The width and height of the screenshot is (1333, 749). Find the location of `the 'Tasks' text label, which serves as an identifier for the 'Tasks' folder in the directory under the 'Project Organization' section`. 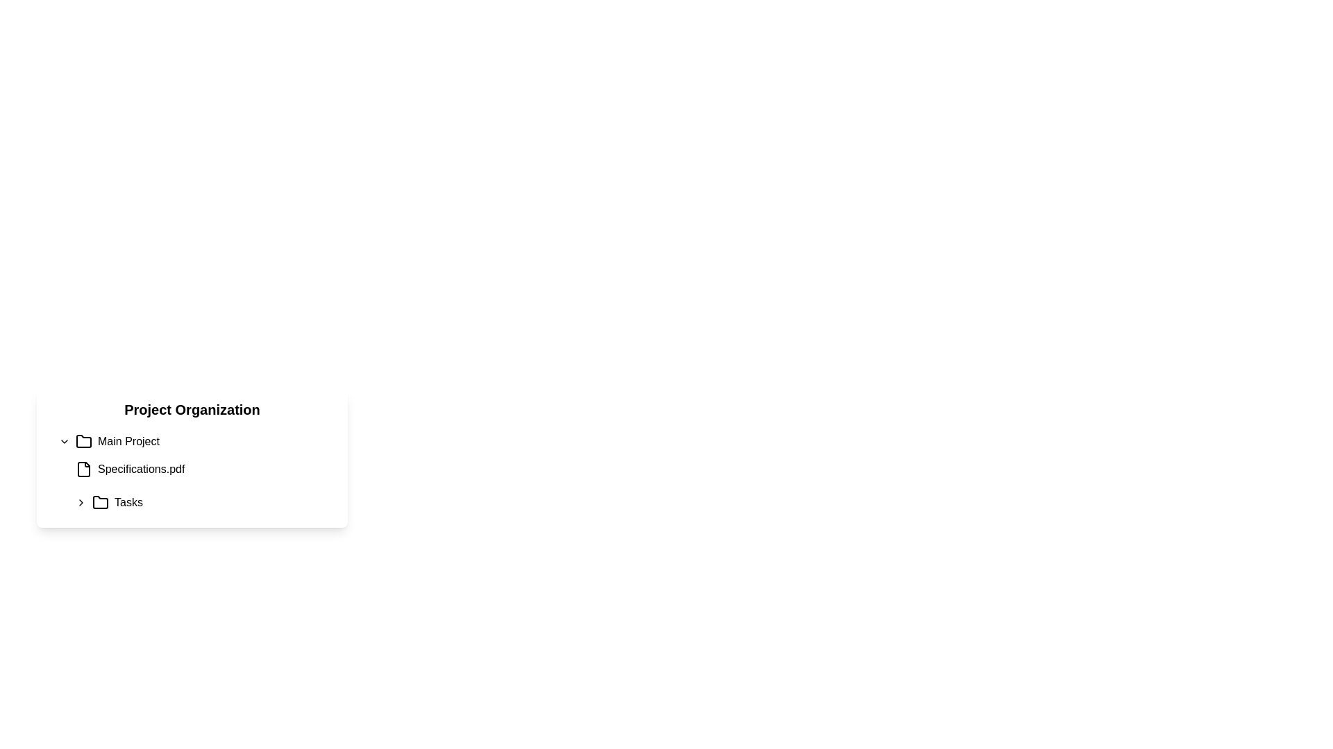

the 'Tasks' text label, which serves as an identifier for the 'Tasks' folder in the directory under the 'Project Organization' section is located at coordinates (128, 503).